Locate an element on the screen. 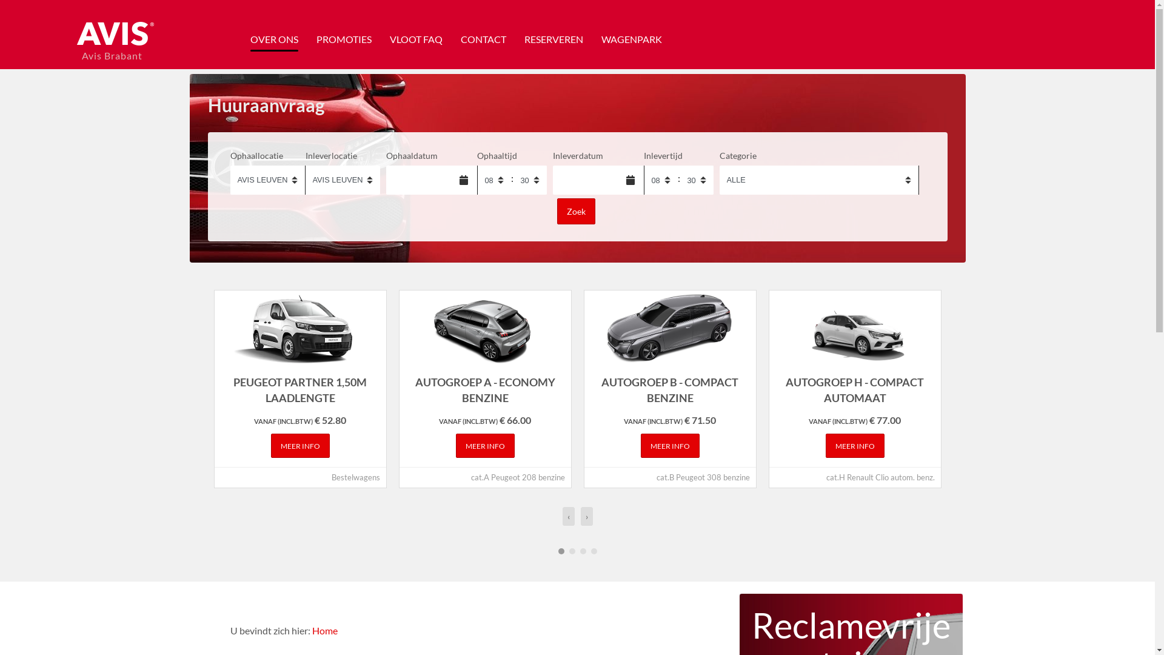  'WAGENPARK' is located at coordinates (630, 38).